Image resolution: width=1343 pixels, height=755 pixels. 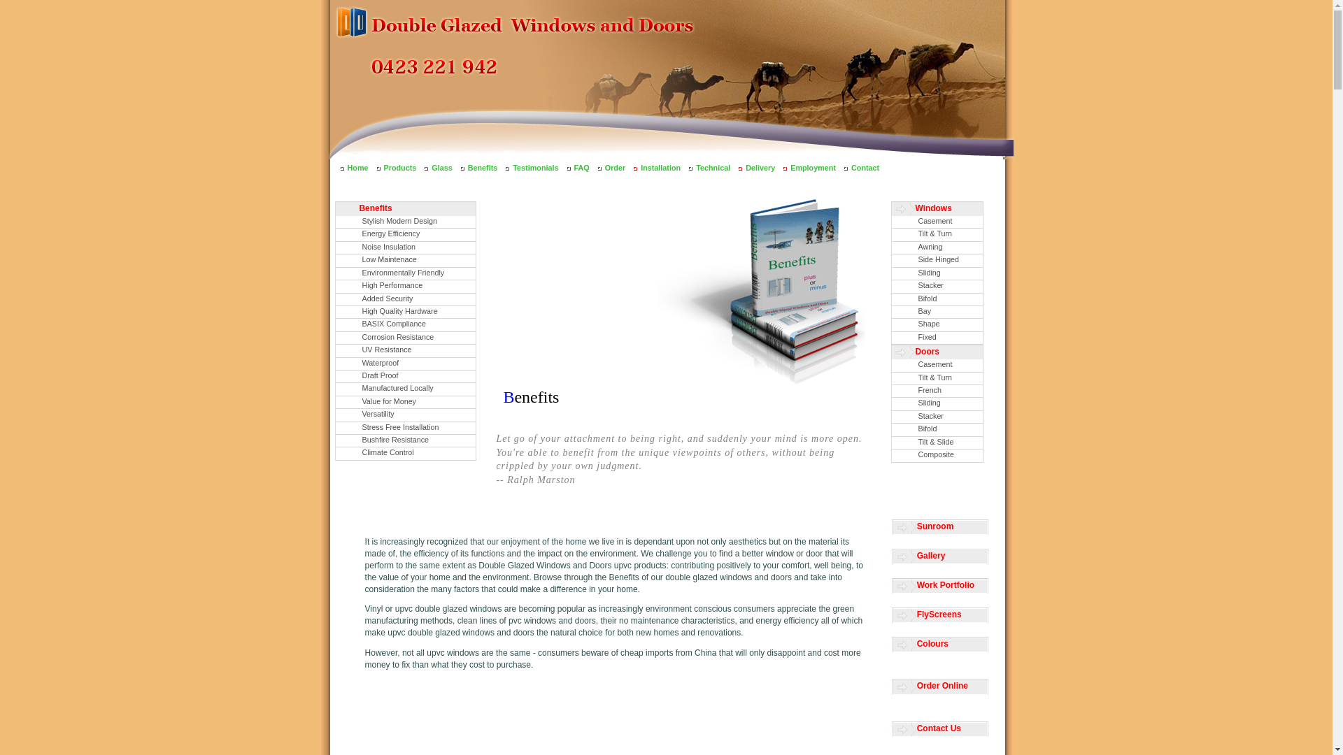 What do you see at coordinates (405, 221) in the screenshot?
I see `'Stylish Modern Design'` at bounding box center [405, 221].